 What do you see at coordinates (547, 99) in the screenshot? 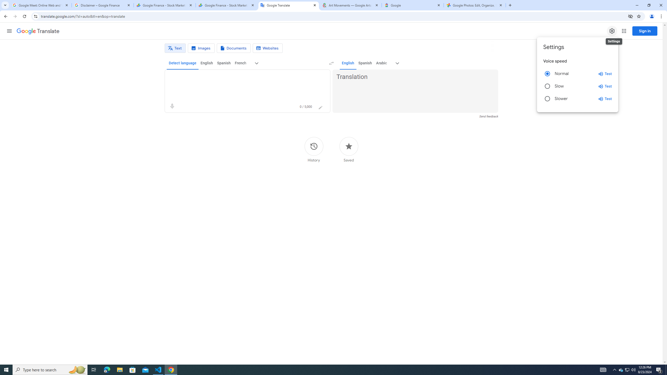
I see `'Slower'` at bounding box center [547, 99].